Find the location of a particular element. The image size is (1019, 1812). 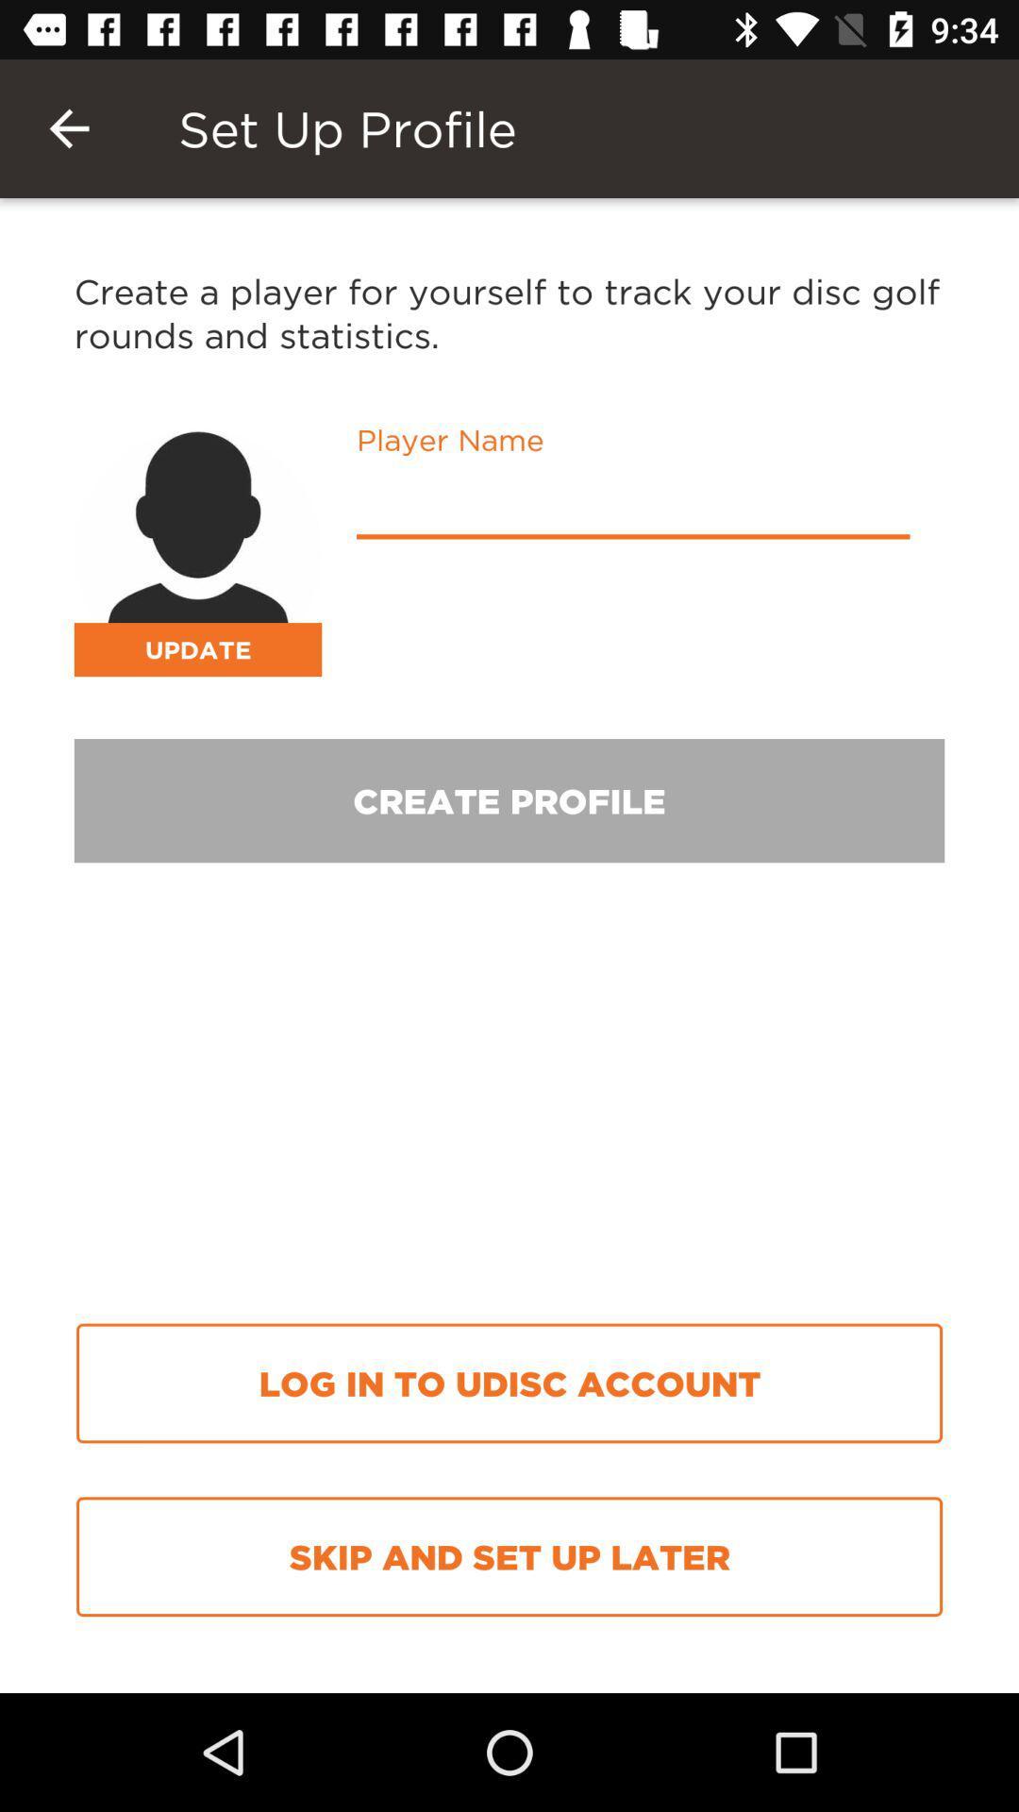

person is located at coordinates (197, 551).